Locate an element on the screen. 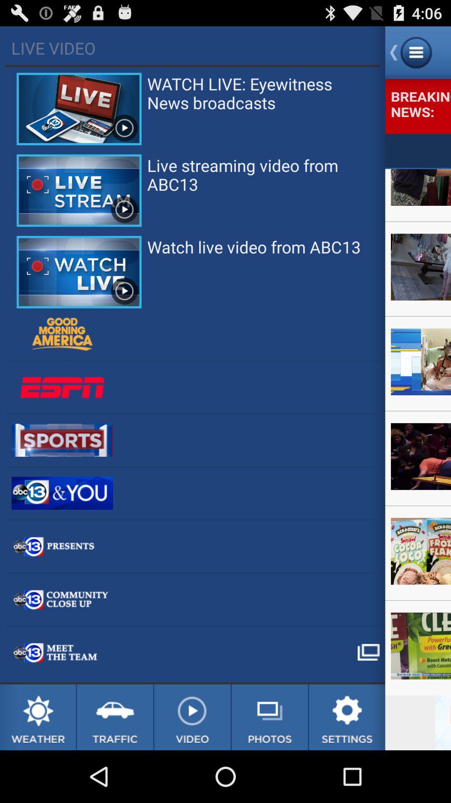 The height and width of the screenshot is (803, 451). video is located at coordinates (192, 717).